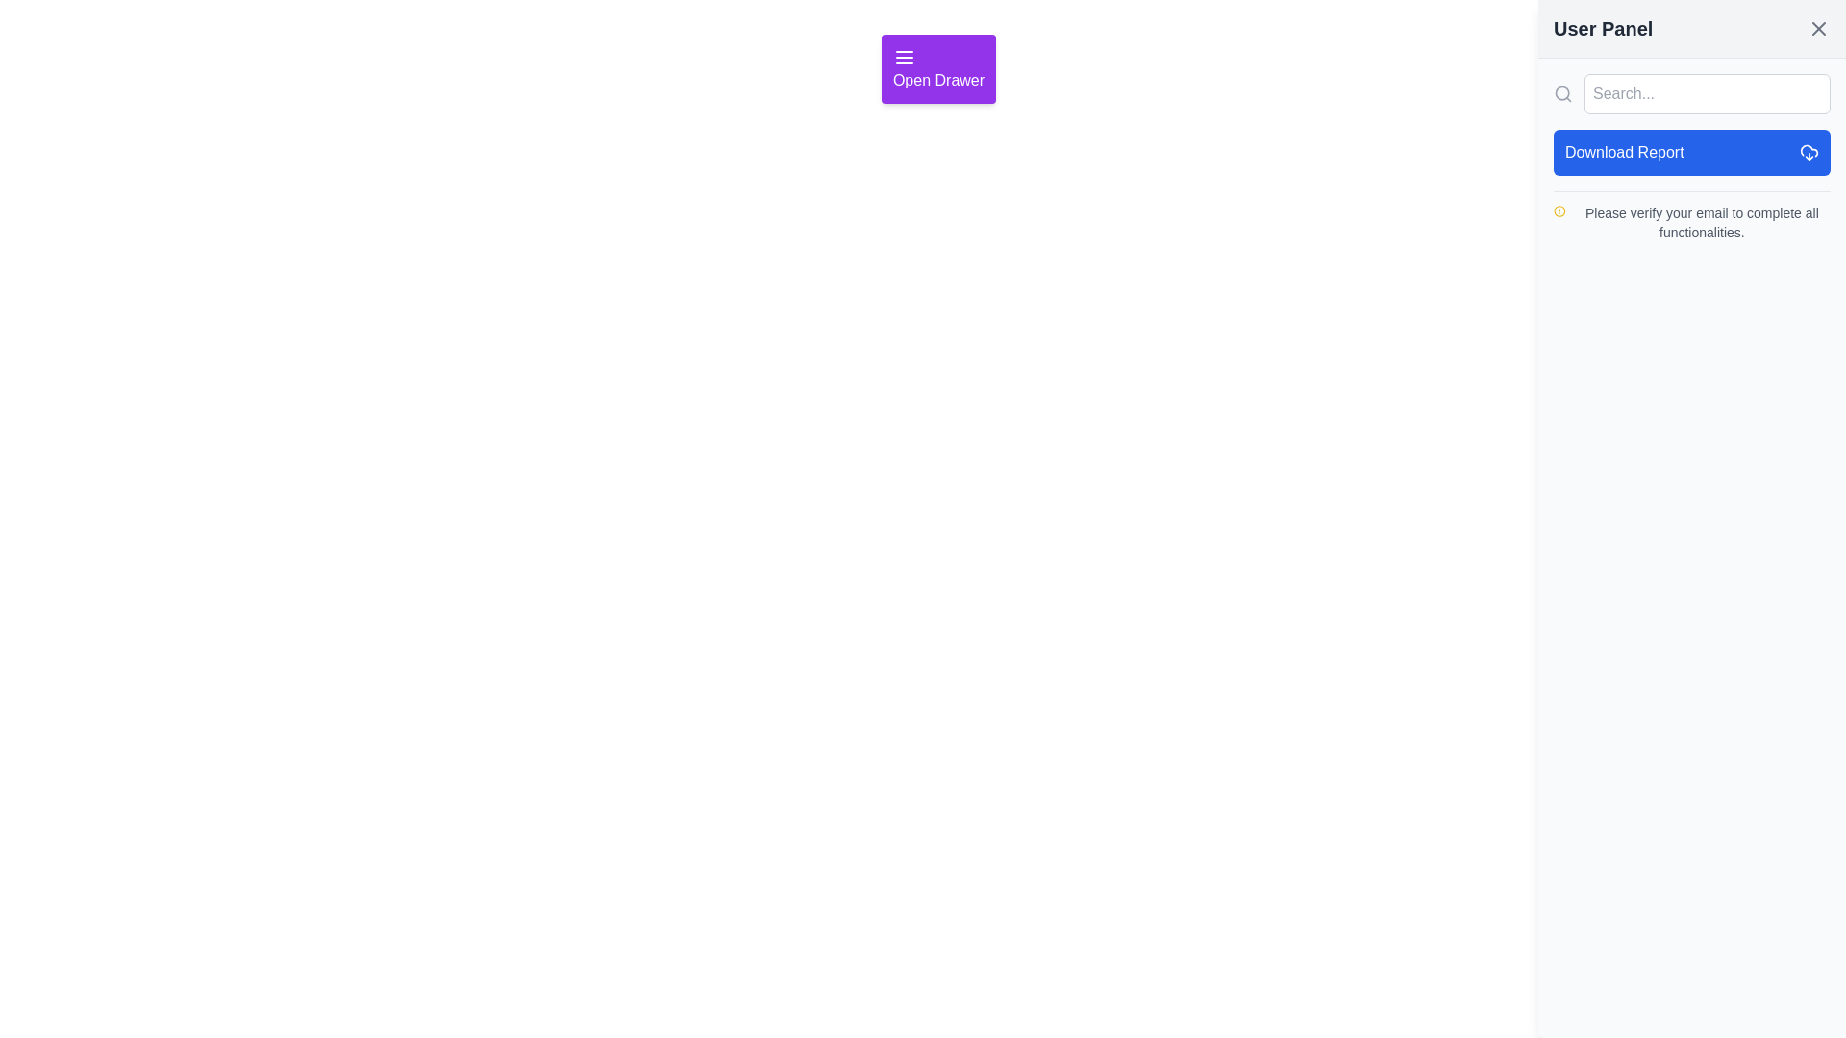 This screenshot has height=1038, width=1846. Describe the element at coordinates (1562, 93) in the screenshot. I see `the SVG Circle that forms the lens of the magnifying glass icon, located to the far right of the 'User Panel.'` at that location.